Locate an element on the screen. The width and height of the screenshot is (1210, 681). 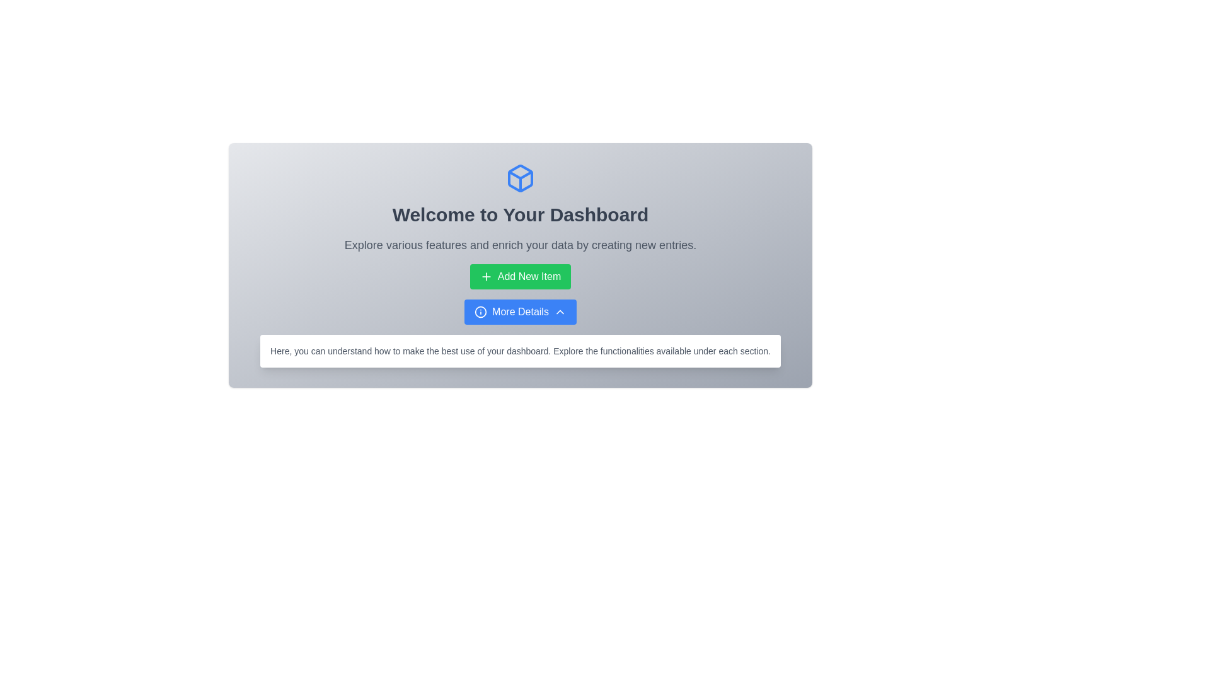
the information icon, which is a small circular icon with a white outline and blue interior containing a white 'i' symbol, located to the left of the text label within the 'More Details' button, positioned below the 'Add New Item' button is located at coordinates (480, 311).